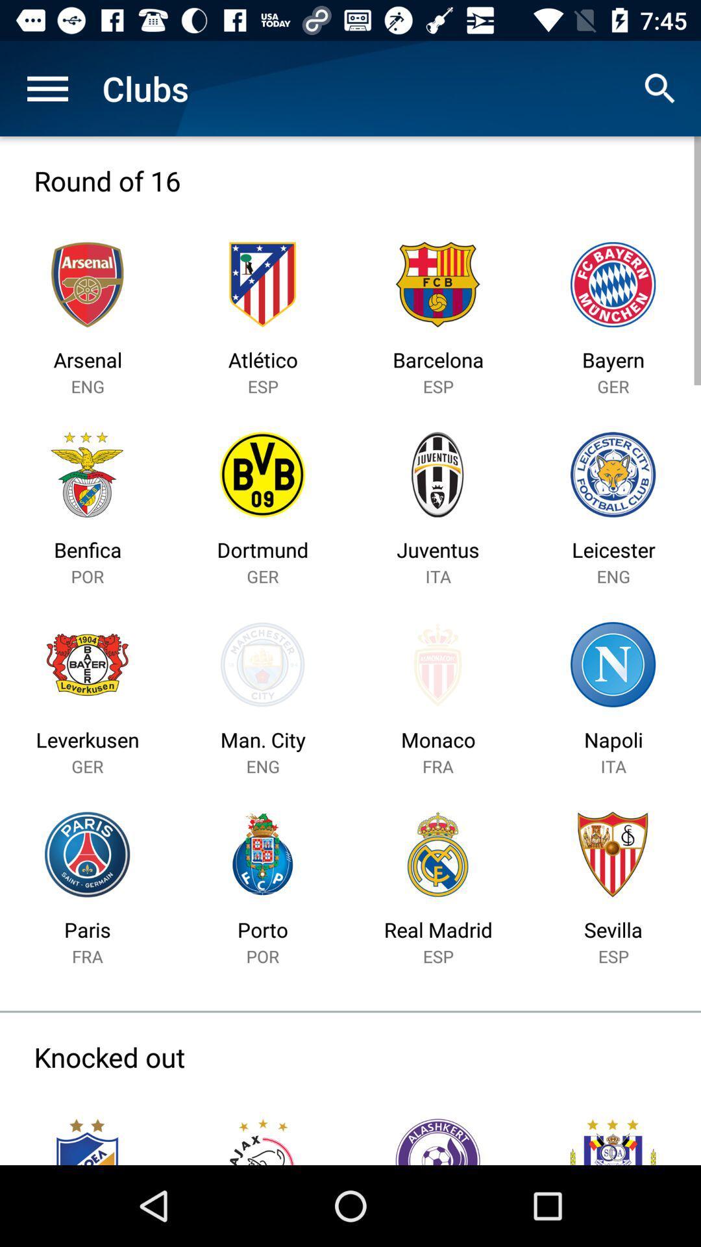 This screenshot has height=1247, width=701. Describe the element at coordinates (47, 88) in the screenshot. I see `the item to the left of the clubs` at that location.